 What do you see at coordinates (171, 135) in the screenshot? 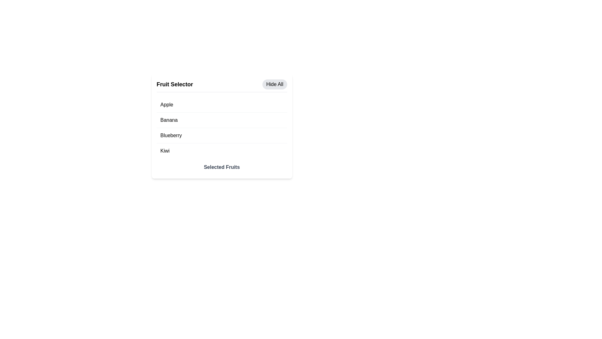
I see `the 'Apple' text label in the 'Fruit Selector' list` at bounding box center [171, 135].